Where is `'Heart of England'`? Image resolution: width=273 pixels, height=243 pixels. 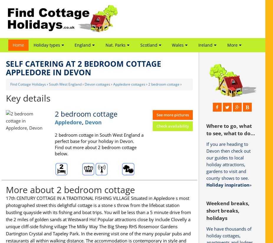 'Heart of England' is located at coordinates (88, 86).